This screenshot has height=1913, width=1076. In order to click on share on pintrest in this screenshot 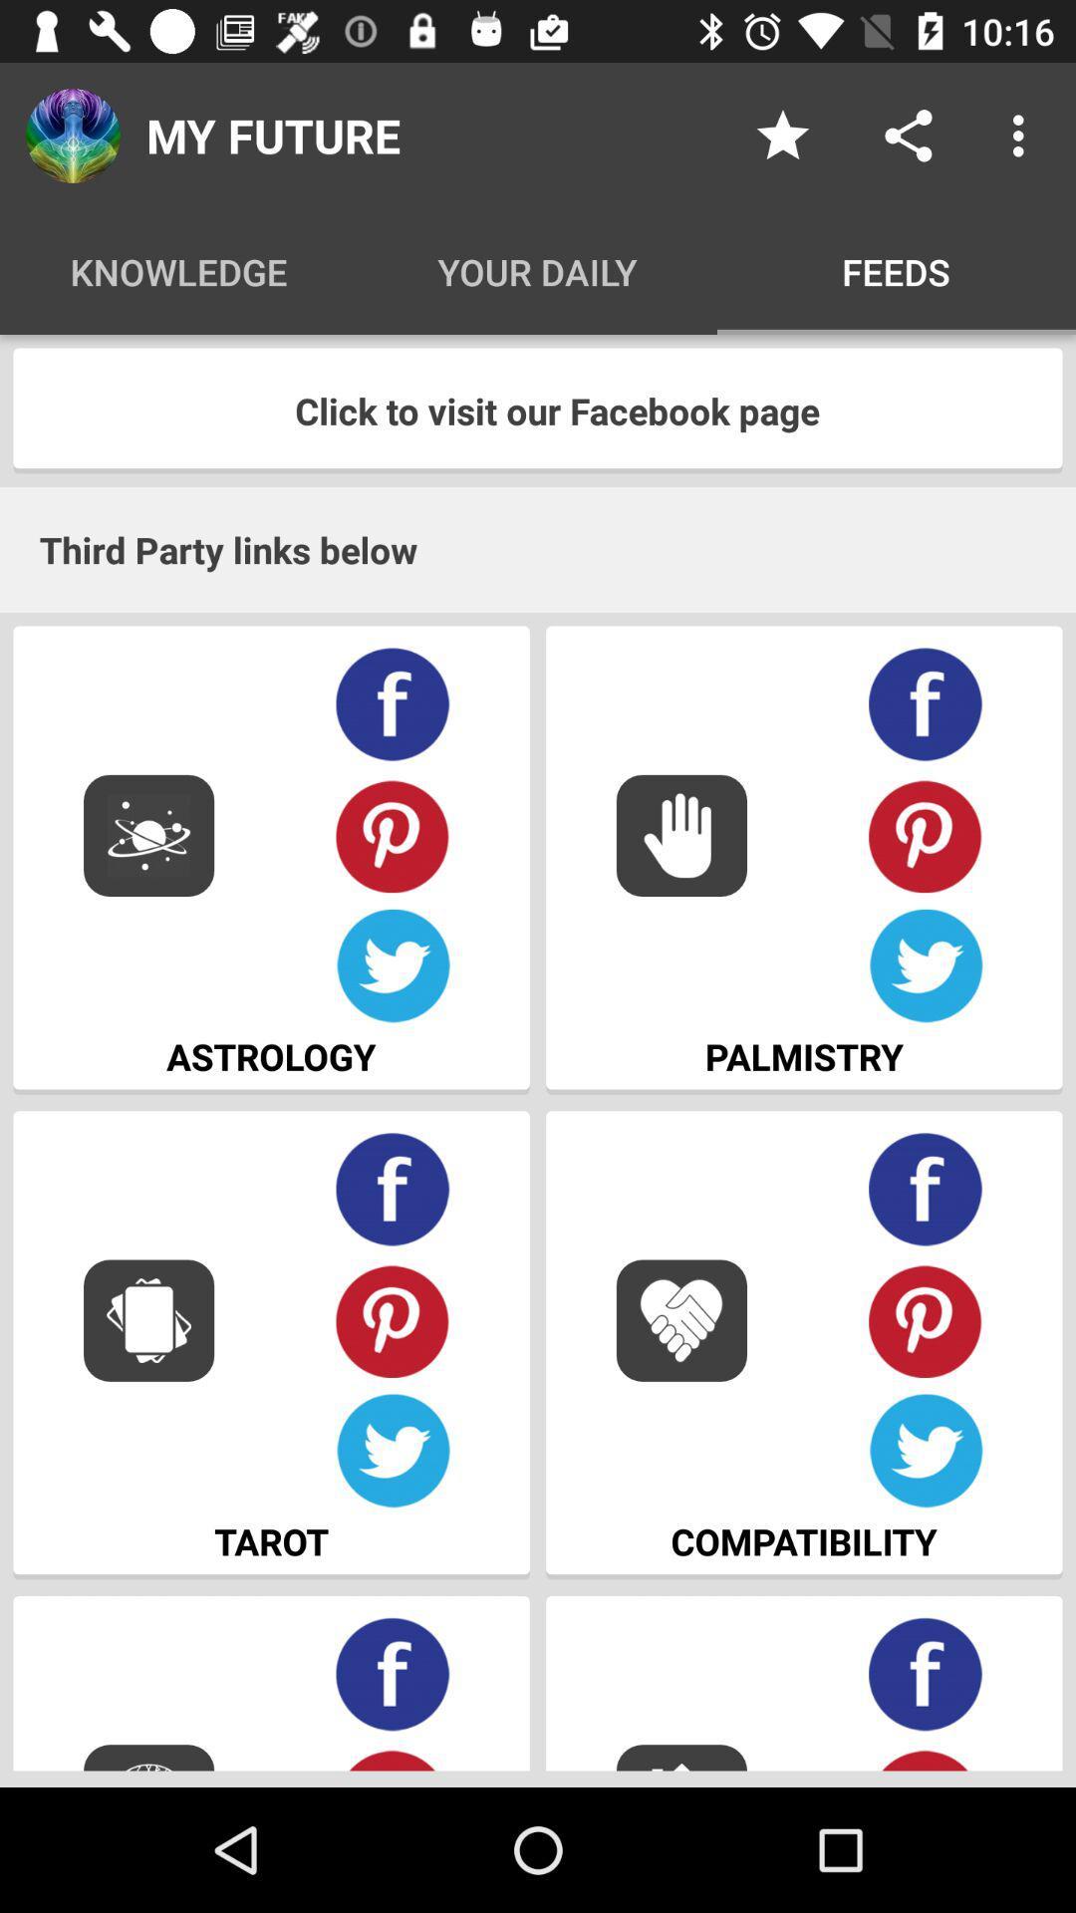, I will do `click(926, 1758)`.